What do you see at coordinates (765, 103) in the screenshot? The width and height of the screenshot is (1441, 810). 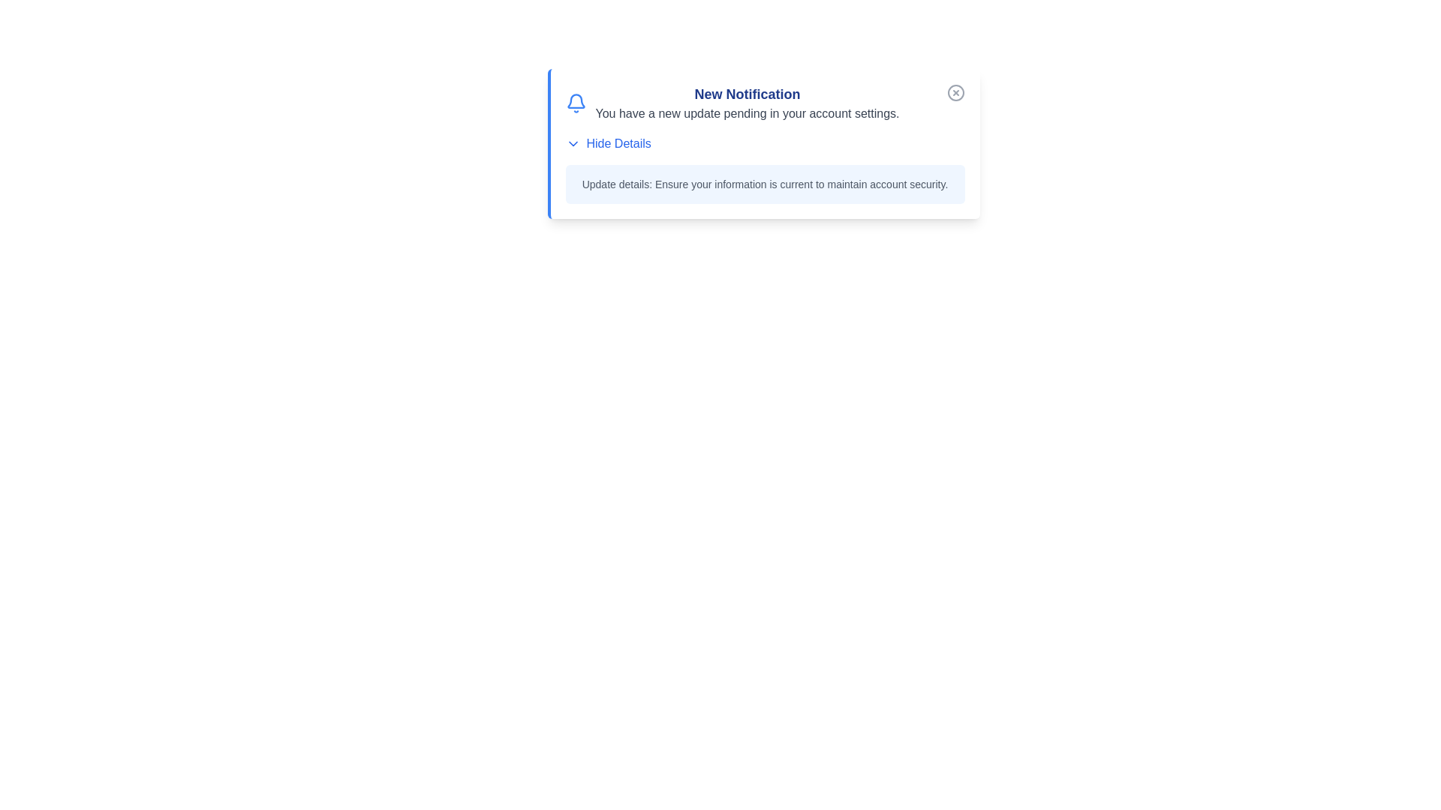 I see `the Informational notification header which features a bold 'New Notification' text in blue and a bell icon on its left, positioned at the top of the notification box` at bounding box center [765, 103].